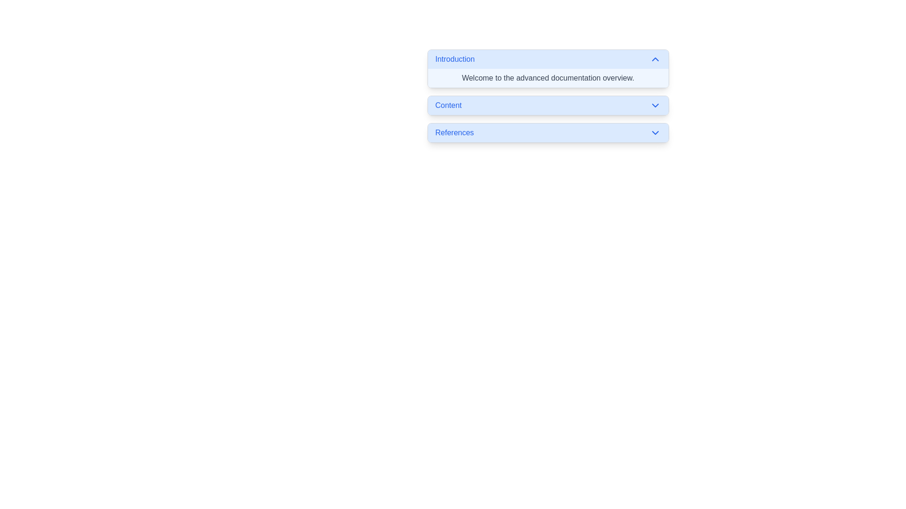  Describe the element at coordinates (454, 132) in the screenshot. I see `the bold blue label text that reads 'References', which is the leftmost text element under 'Content' in a vertical stack of sections` at that location.